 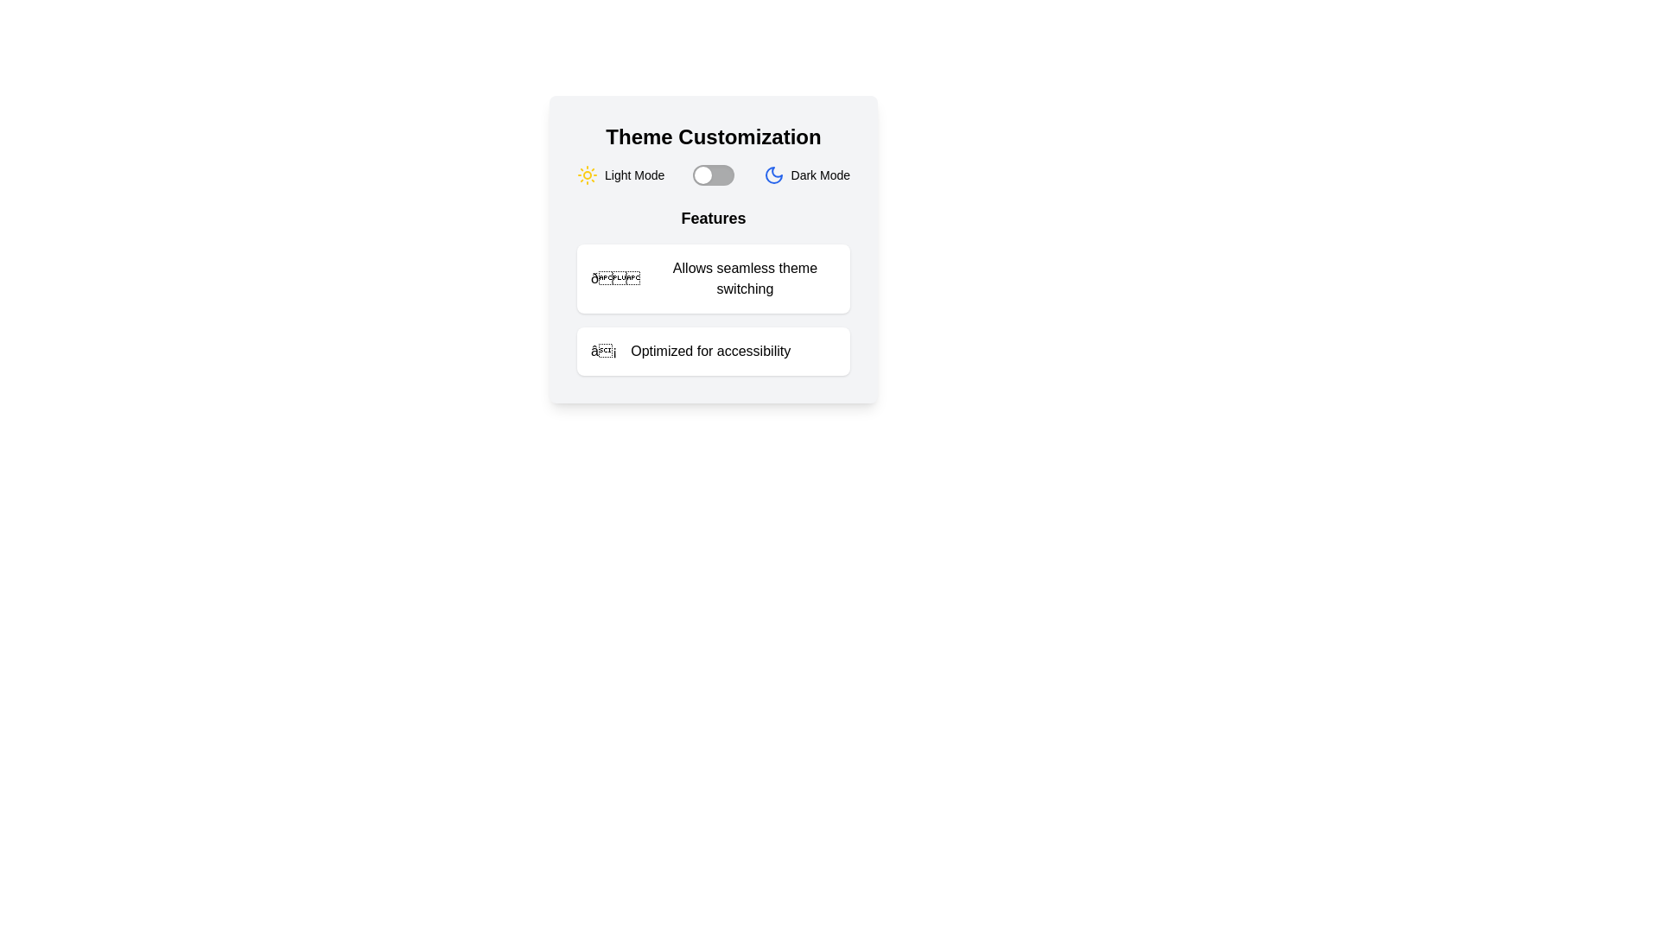 I want to click on the circular toggle indicator for the light/dark mode switch located towards the left side of the horizontal toggle bar in the 'Theme Customization' section, so click(x=703, y=175).